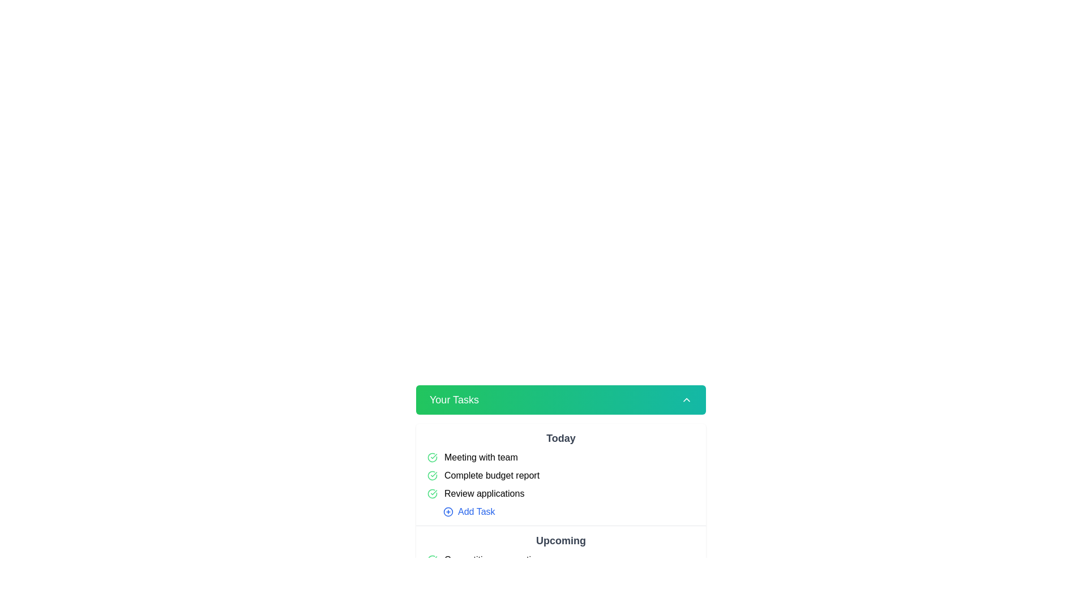  Describe the element at coordinates (431, 457) in the screenshot. I see `the circular graphical vector representing a part of the SVG image in the 'Complete budget report' task indicator located in the 'Today' section of the task management interface` at that location.